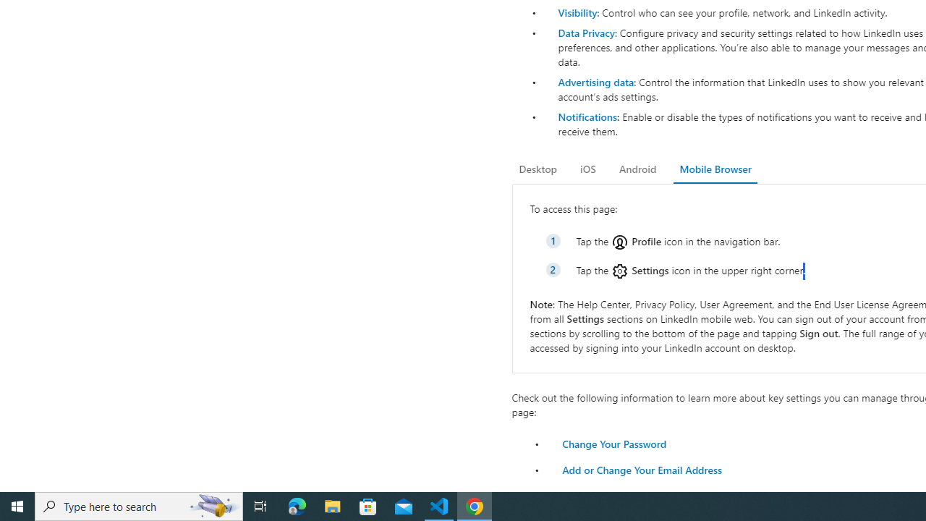 The width and height of the screenshot is (926, 521). What do you see at coordinates (587, 116) in the screenshot?
I see `'Notifications'` at bounding box center [587, 116].